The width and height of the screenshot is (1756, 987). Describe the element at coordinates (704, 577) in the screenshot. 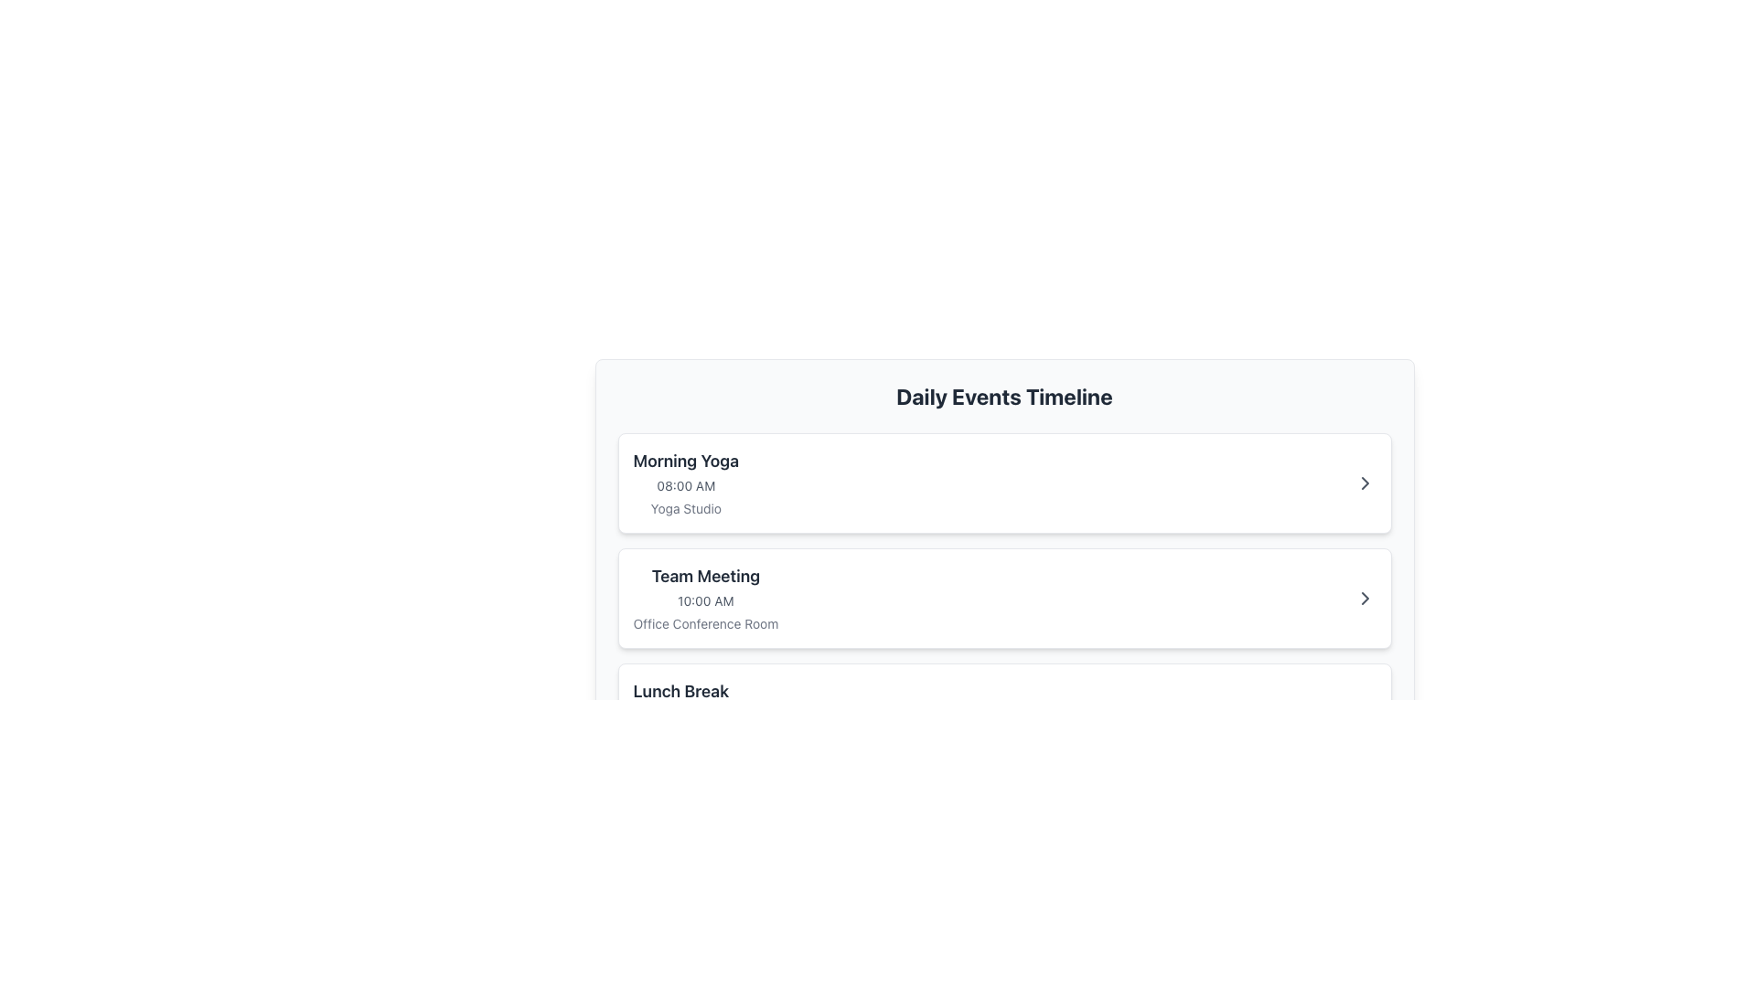

I see `the 'Team Meeting' text display, which serves as the header for the scheduled event in the daily events listing` at that location.